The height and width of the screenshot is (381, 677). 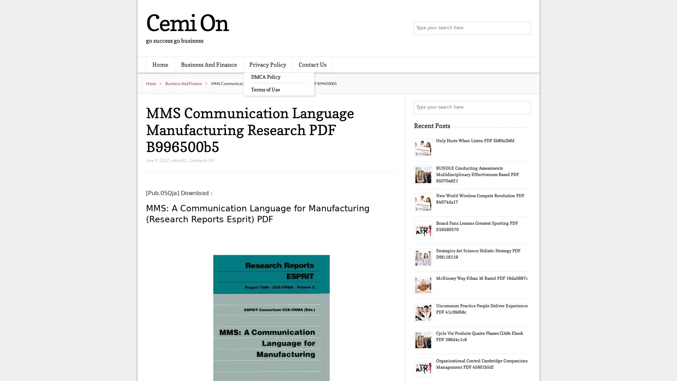 I want to click on Search, so click(x=524, y=28).